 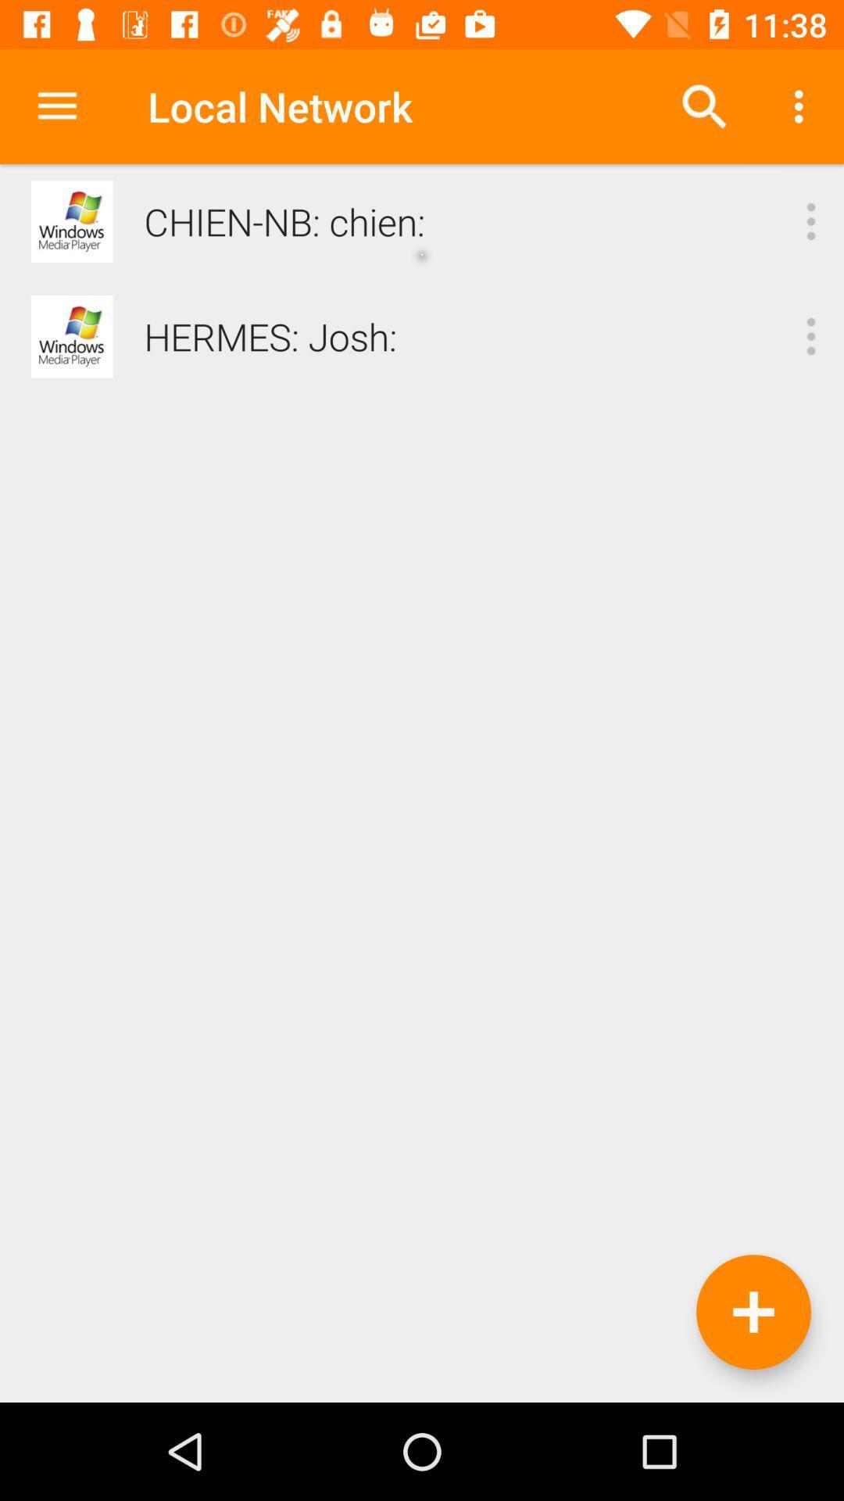 I want to click on the add icon, so click(x=753, y=1312).